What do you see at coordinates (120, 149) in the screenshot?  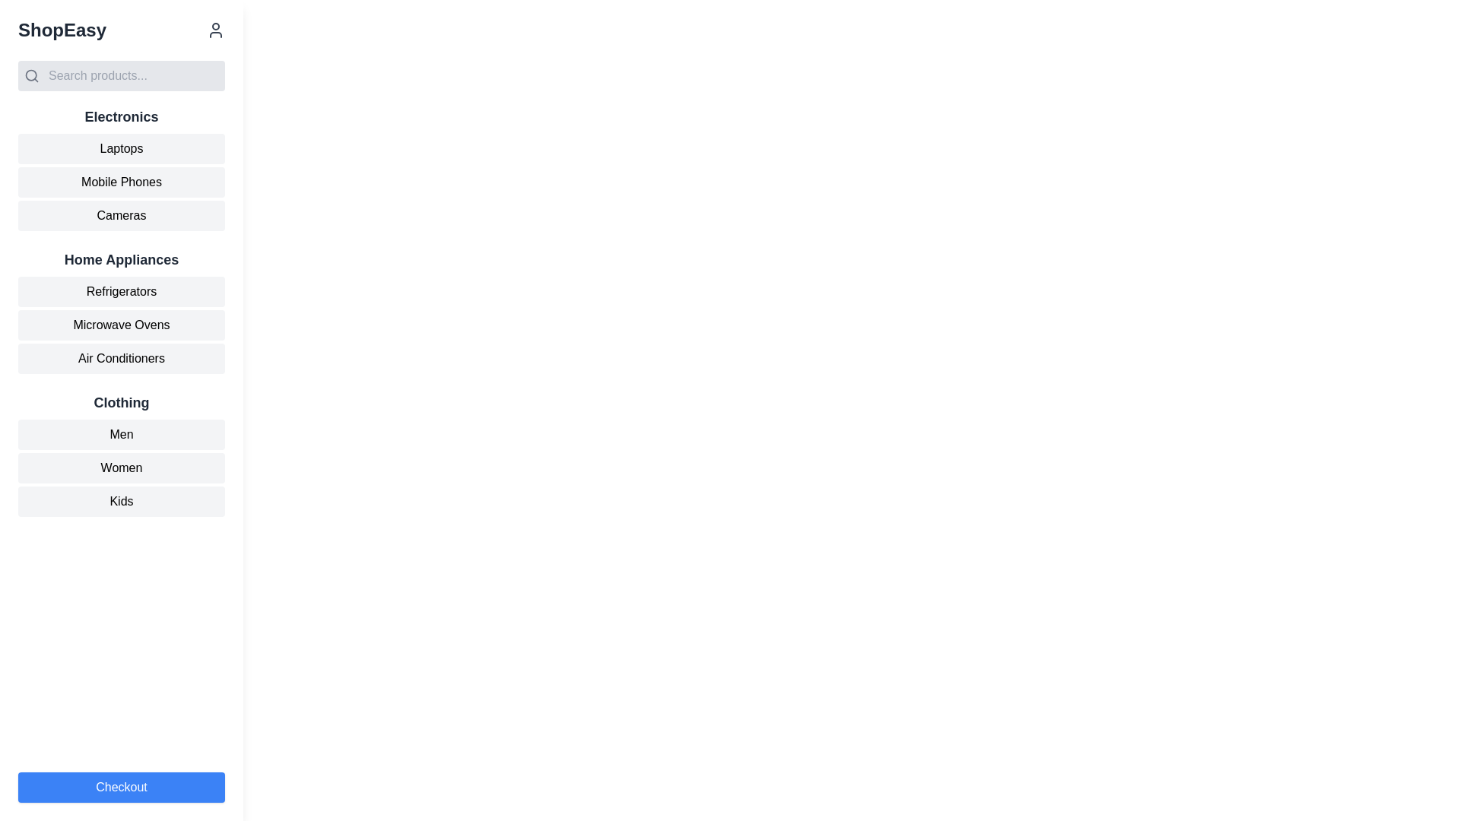 I see `the 'Laptops' button, which is a light gray rectangular button with rounded corners and black text, located at the top of the Electronics section` at bounding box center [120, 149].